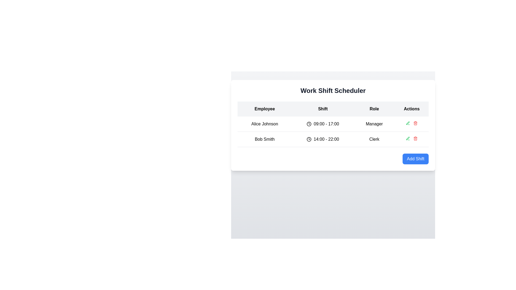 Image resolution: width=516 pixels, height=290 pixels. What do you see at coordinates (333, 125) in the screenshot?
I see `the Table with interactive controls located under the 'Work Shift Scheduler' section` at bounding box center [333, 125].